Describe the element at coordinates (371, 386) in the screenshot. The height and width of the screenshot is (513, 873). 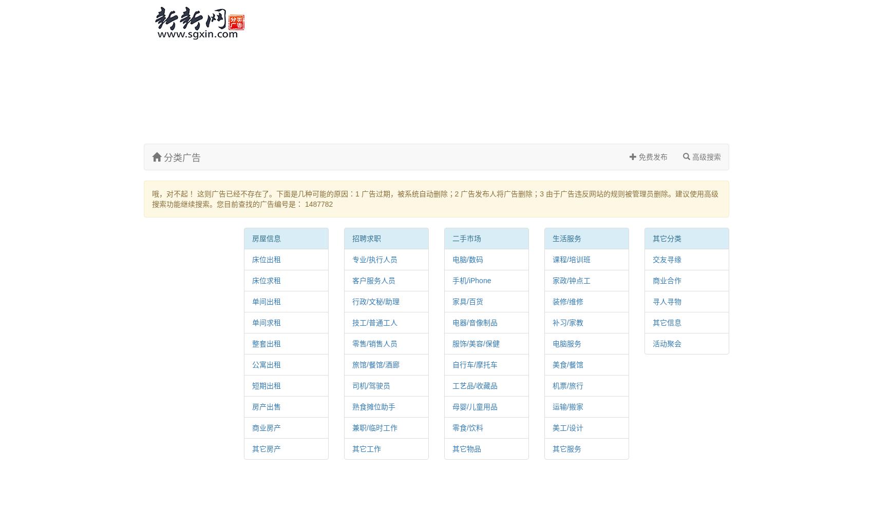
I see `'司机/驾驶员'` at that location.